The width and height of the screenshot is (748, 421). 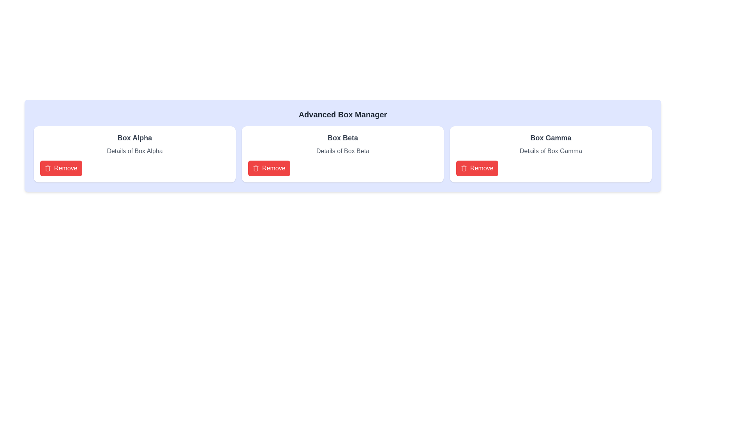 What do you see at coordinates (134, 151) in the screenshot?
I see `the text label displaying 'Details of Box Alpha', which is aligned below the title text 'Box Alpha' and above the button labeled 'Remove'` at bounding box center [134, 151].